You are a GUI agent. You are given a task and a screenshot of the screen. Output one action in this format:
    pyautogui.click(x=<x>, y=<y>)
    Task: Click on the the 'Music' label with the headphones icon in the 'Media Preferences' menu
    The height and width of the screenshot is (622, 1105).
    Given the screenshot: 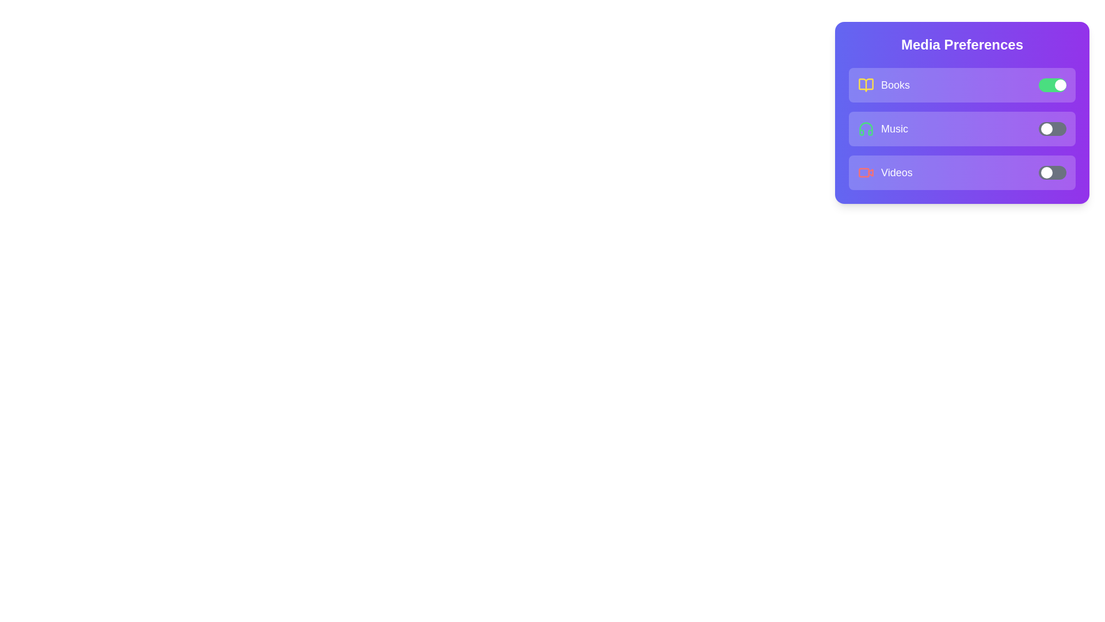 What is the action you would take?
    pyautogui.click(x=882, y=128)
    